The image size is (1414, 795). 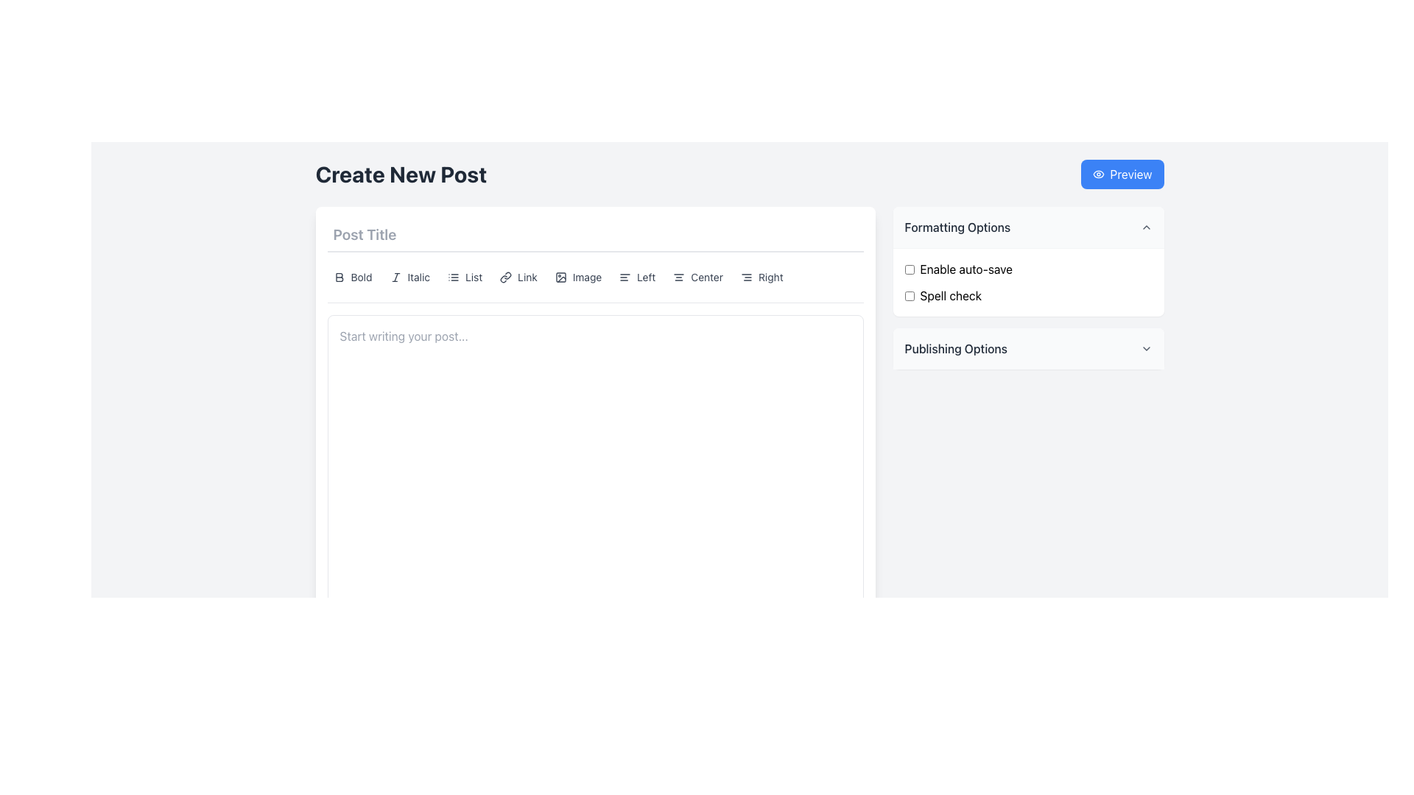 I want to click on the label next to the list icon in the top toolbar of the 'Create New Post' interface, which identifies the function for adding lists to the post, so click(x=474, y=278).